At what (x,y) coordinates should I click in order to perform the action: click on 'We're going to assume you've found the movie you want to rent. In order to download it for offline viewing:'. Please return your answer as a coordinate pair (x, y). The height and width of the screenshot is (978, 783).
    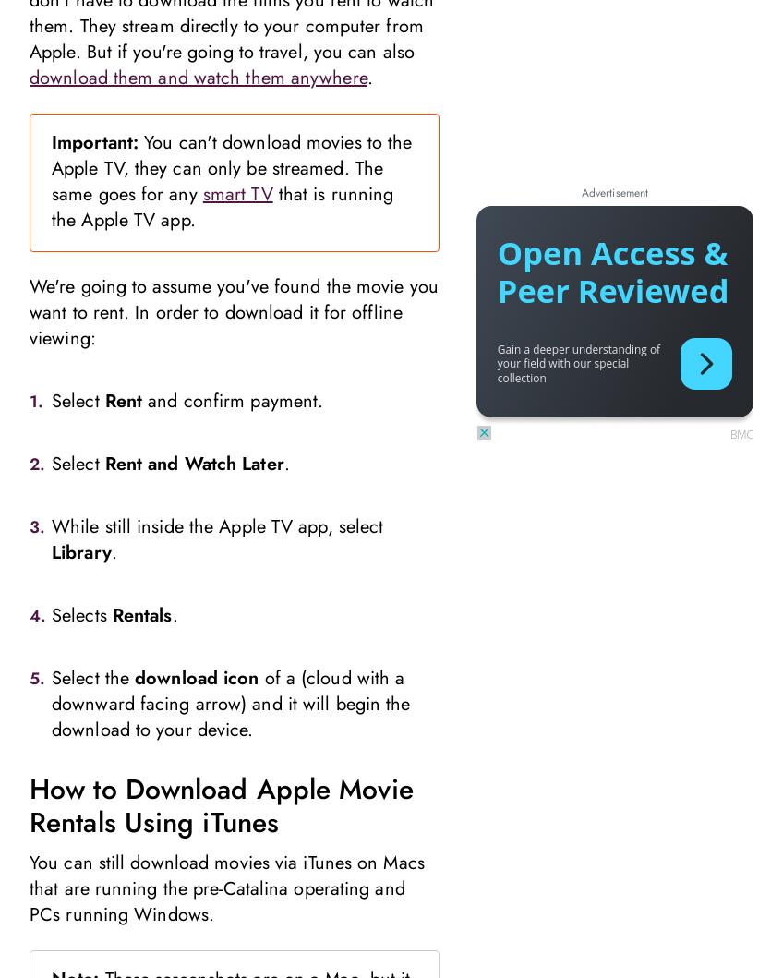
    Looking at the image, I should click on (28, 310).